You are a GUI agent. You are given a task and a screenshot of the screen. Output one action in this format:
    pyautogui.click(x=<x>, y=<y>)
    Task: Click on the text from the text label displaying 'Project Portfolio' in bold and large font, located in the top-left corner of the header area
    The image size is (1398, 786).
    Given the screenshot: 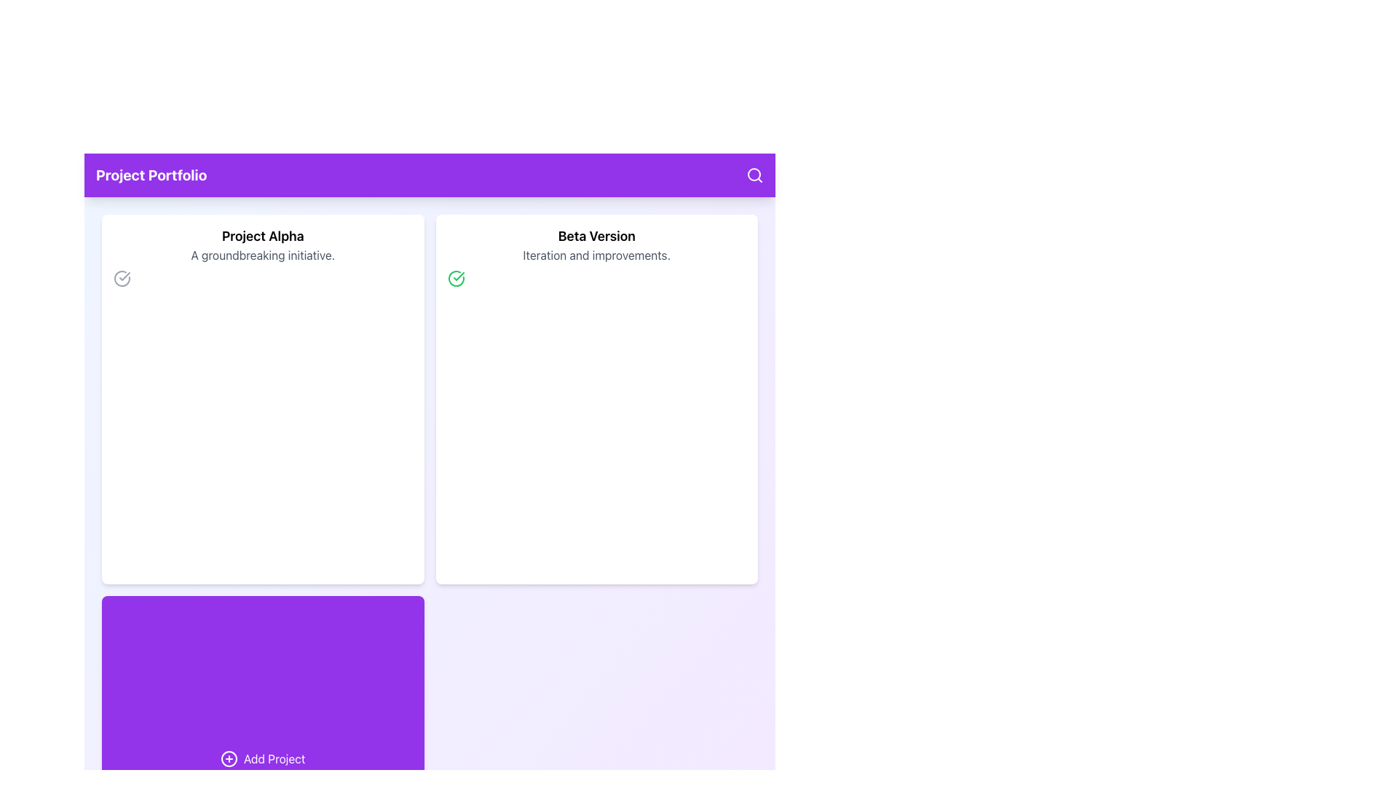 What is the action you would take?
    pyautogui.click(x=151, y=174)
    